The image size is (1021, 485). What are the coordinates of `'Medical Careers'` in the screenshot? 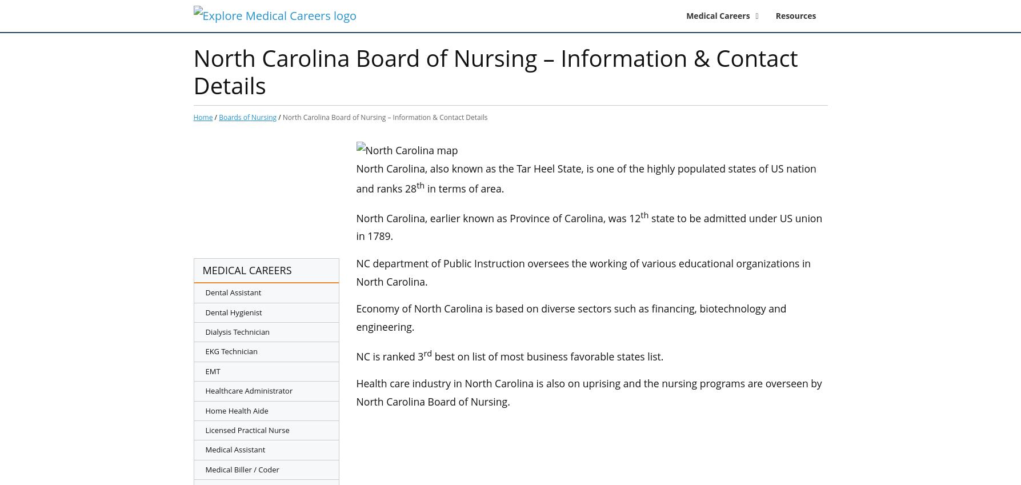 It's located at (686, 14).